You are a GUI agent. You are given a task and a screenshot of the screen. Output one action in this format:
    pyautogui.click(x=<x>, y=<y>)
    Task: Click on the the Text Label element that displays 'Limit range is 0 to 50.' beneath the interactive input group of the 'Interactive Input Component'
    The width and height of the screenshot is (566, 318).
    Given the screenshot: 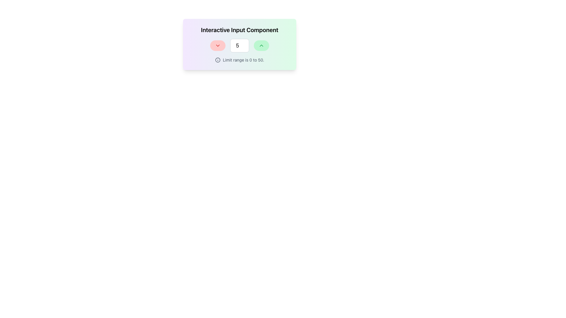 What is the action you would take?
    pyautogui.click(x=239, y=60)
    